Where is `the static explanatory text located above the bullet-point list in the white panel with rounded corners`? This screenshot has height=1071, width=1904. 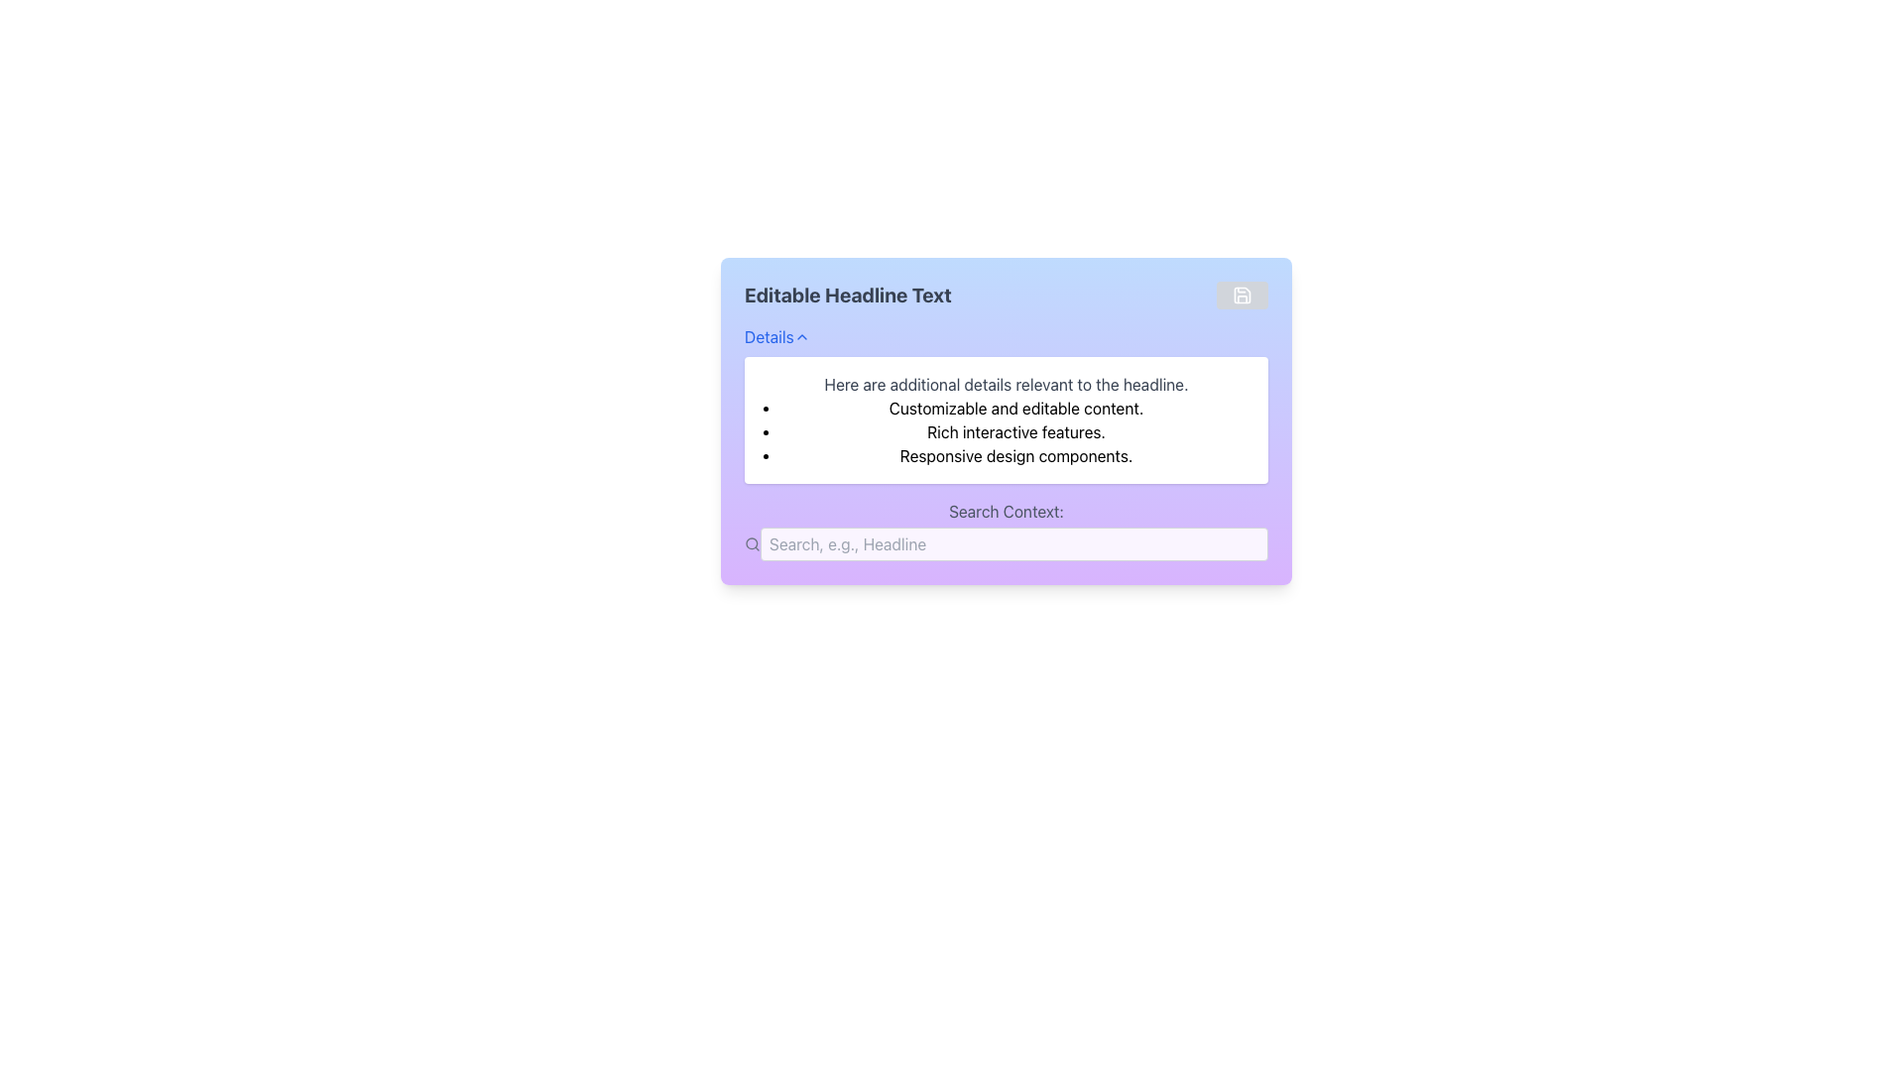
the static explanatory text located above the bullet-point list in the white panel with rounded corners is located at coordinates (1006, 385).